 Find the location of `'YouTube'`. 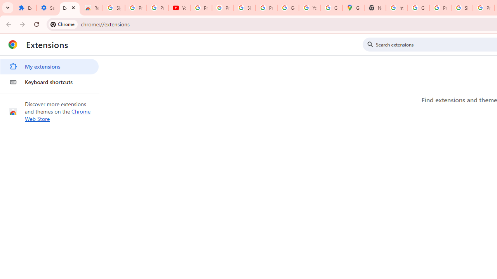

'YouTube' is located at coordinates (179, 8).